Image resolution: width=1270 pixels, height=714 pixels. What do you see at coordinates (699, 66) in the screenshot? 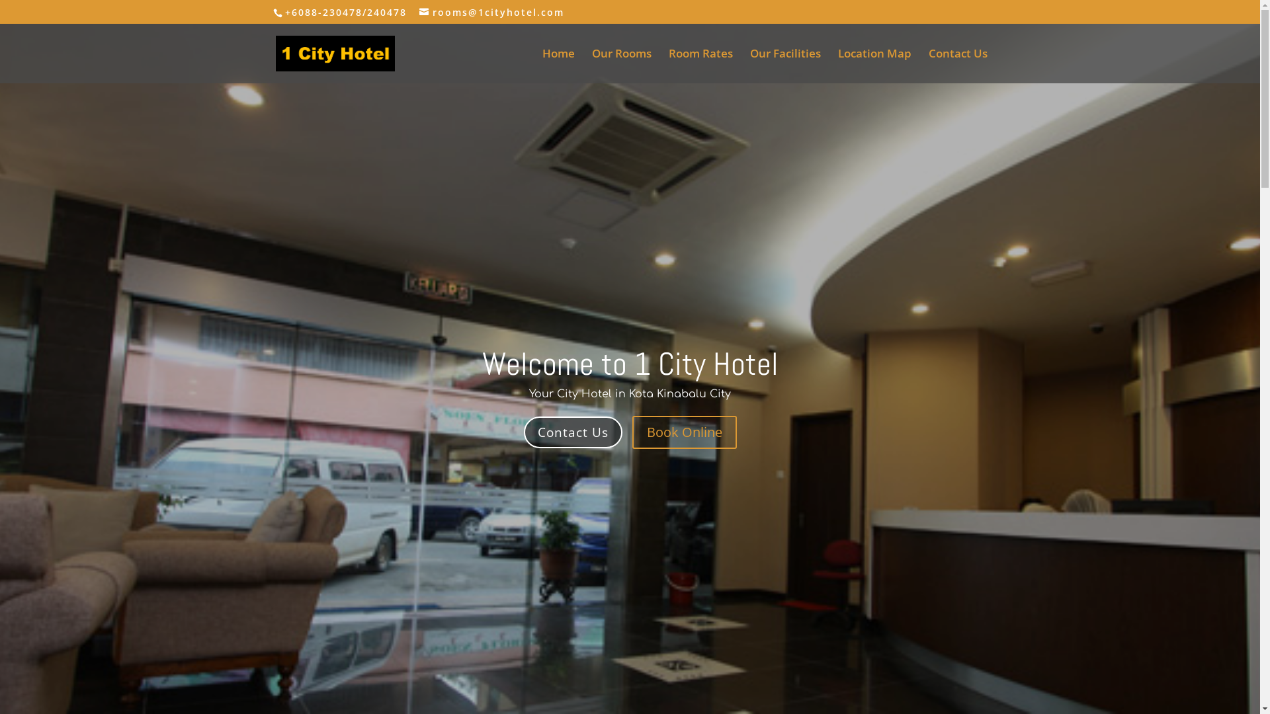
I see `'Room Rates'` at bounding box center [699, 66].